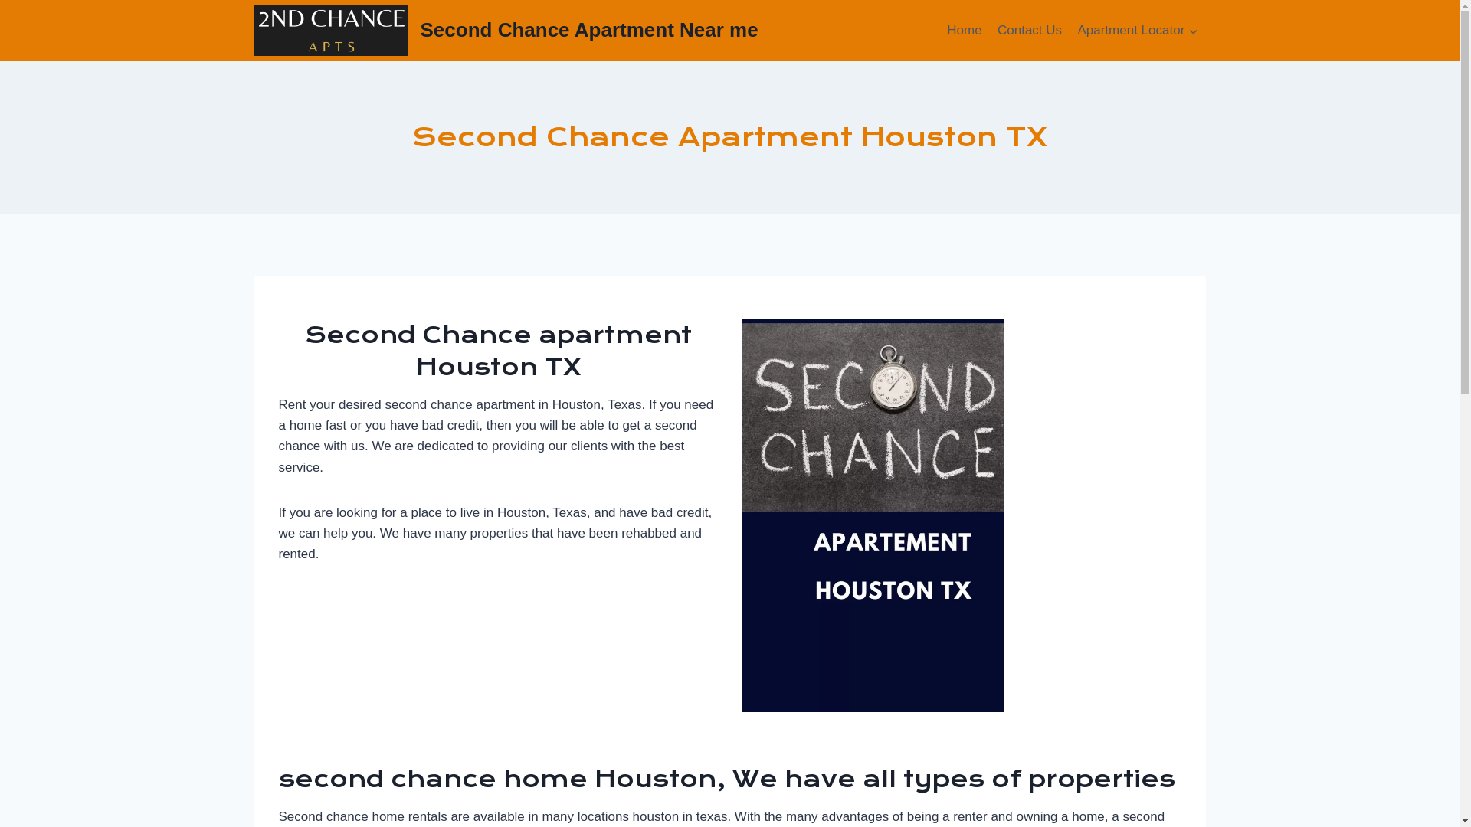 Image resolution: width=1471 pixels, height=827 pixels. What do you see at coordinates (989, 30) in the screenshot?
I see `'Contact Us'` at bounding box center [989, 30].